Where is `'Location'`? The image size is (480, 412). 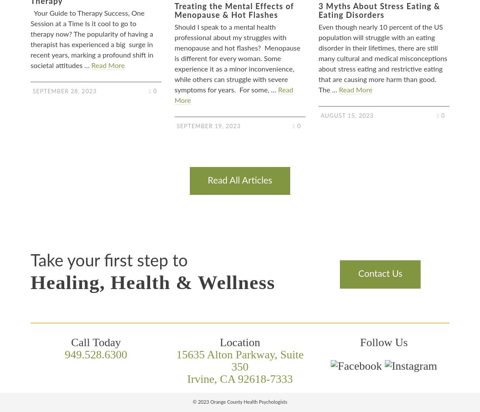
'Location' is located at coordinates (219, 342).